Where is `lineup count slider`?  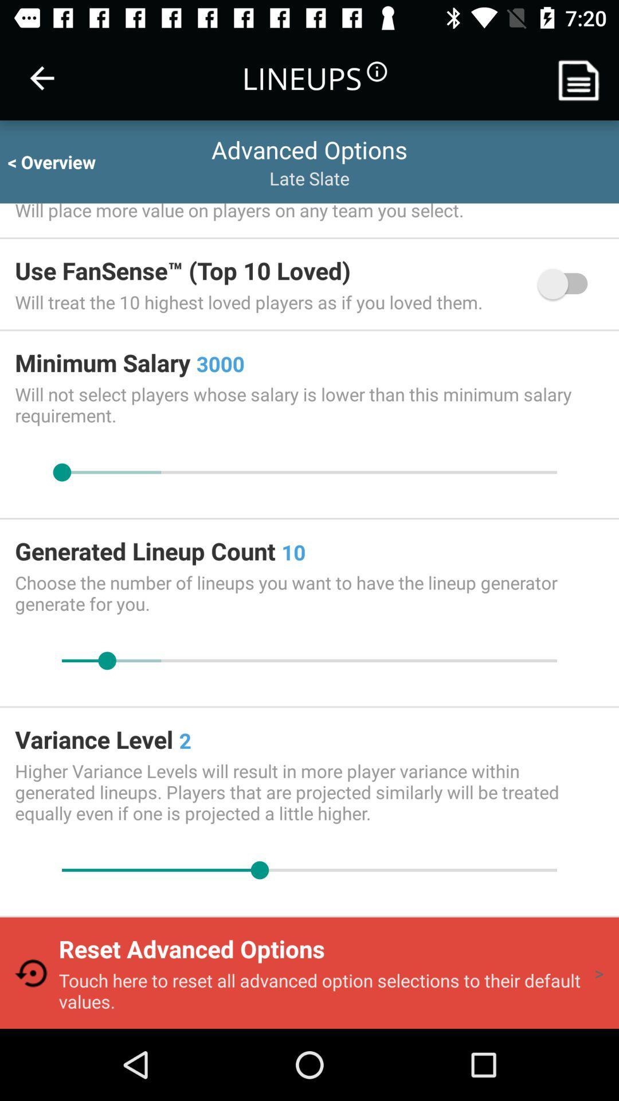
lineup count slider is located at coordinates (309, 661).